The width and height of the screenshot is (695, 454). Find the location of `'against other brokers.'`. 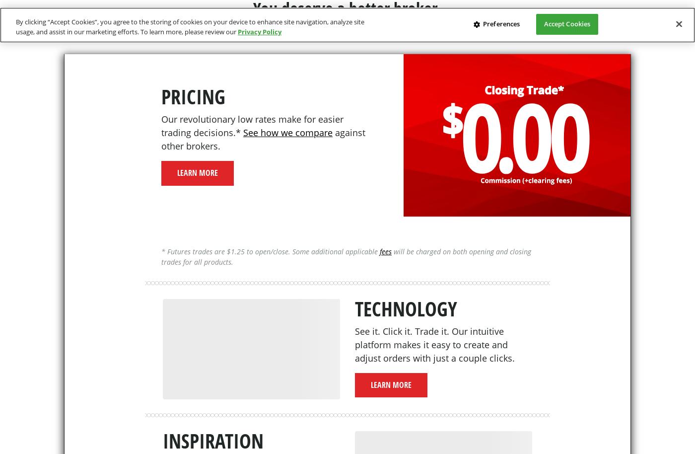

'against other brokers.' is located at coordinates (263, 139).